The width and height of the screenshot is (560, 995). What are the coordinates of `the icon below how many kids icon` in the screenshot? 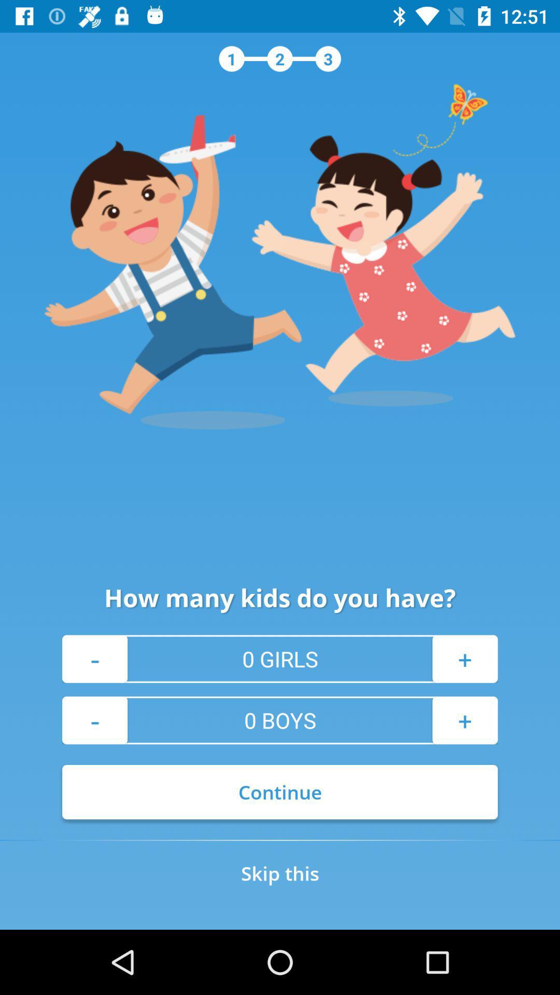 It's located at (465, 658).